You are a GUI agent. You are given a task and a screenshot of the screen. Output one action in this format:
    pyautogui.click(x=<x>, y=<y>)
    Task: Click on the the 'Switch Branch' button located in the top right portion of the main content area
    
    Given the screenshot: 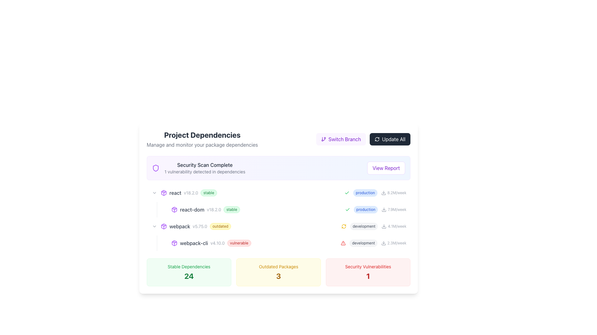 What is the action you would take?
    pyautogui.click(x=340, y=139)
    